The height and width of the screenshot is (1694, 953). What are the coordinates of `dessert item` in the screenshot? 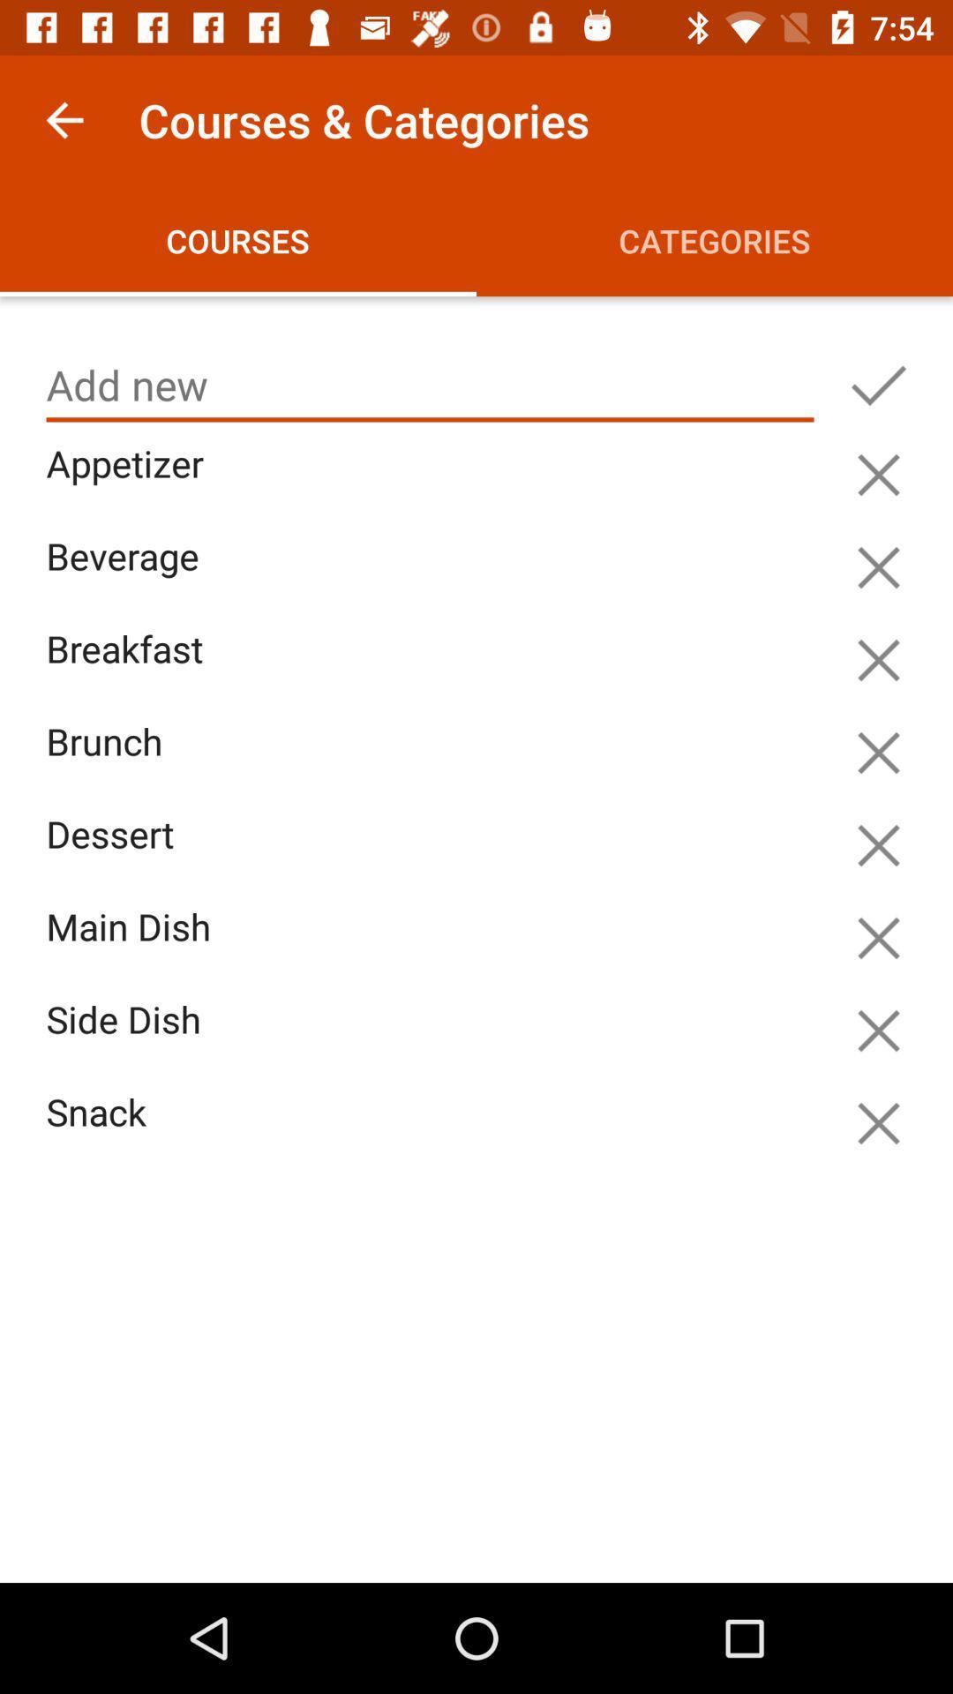 It's located at (434, 855).